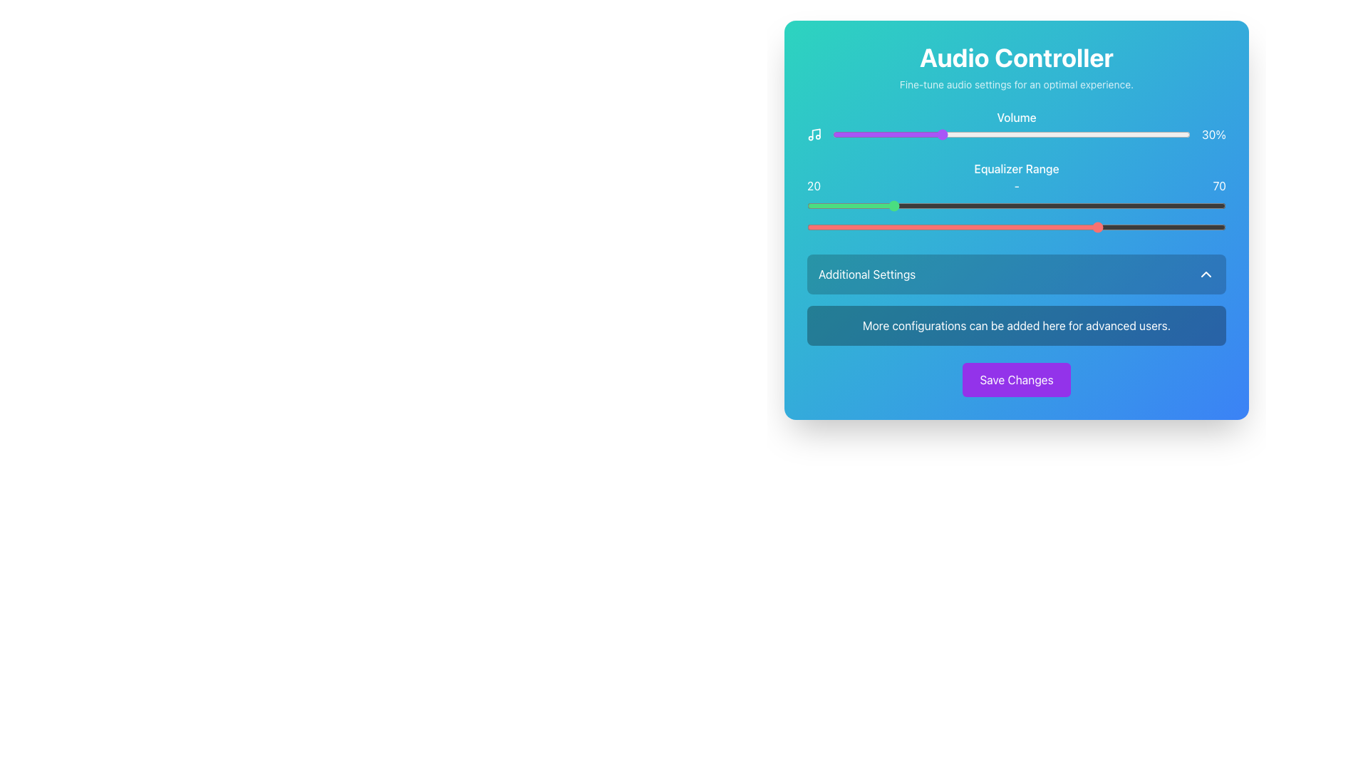 This screenshot has height=770, width=1368. What do you see at coordinates (1015, 168) in the screenshot?
I see `the text label titled 'Equalizer Range', which describes the equalizer range control below it` at bounding box center [1015, 168].